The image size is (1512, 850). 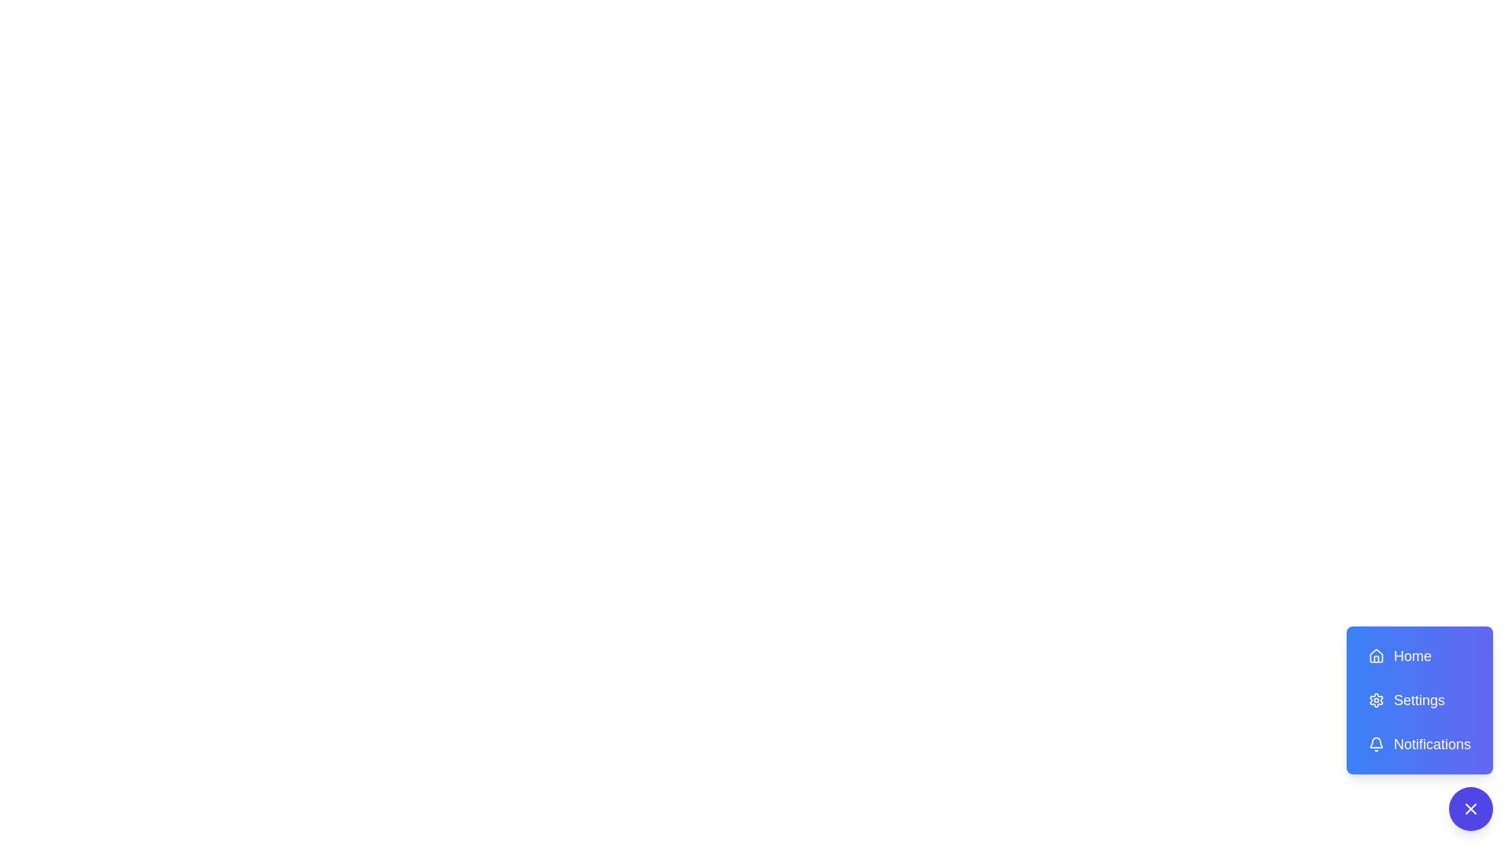 I want to click on the 'Notifications' menu link at the bottom-right corner of the interface, so click(x=1420, y=728).